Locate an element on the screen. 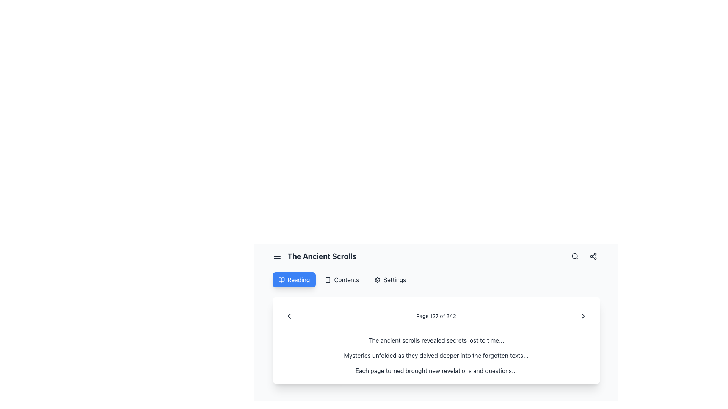 Image resolution: width=728 pixels, height=409 pixels. the second paragraph element which presents a specific segment of narrative text, located slightly below the middle of the overall interface is located at coordinates (436, 355).